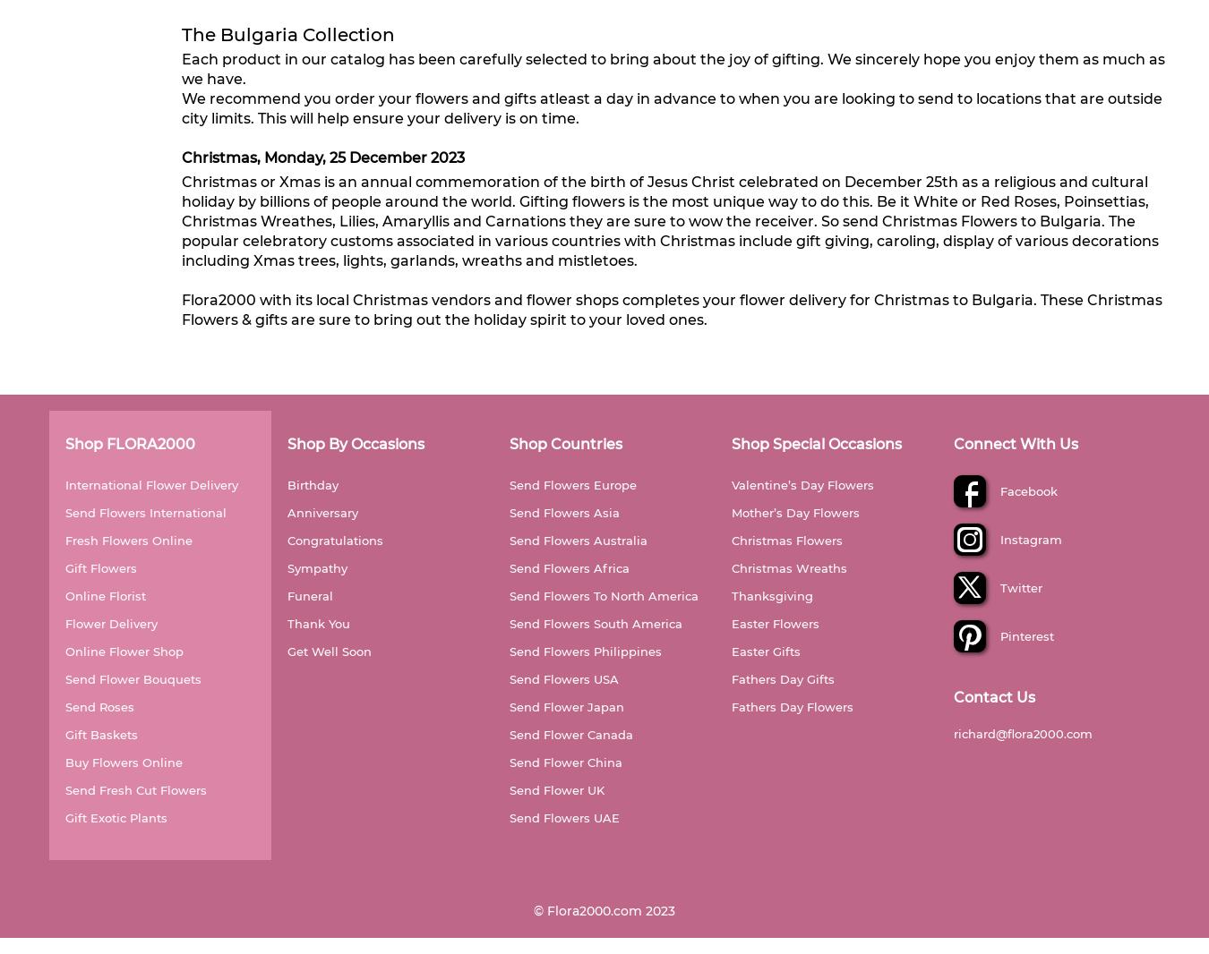 The width and height of the screenshot is (1209, 954). I want to click on 'Fathers Day Gifts', so click(783, 677).